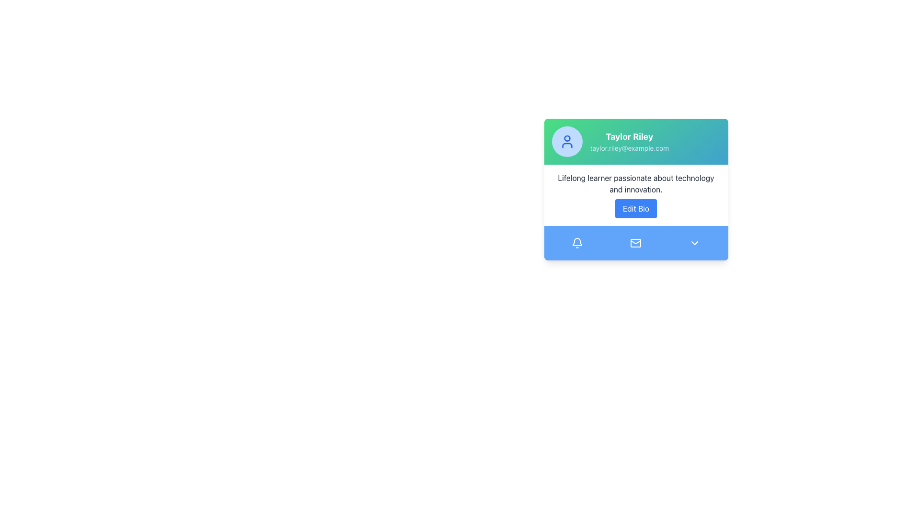  I want to click on the email icon, which is a small graphical representation of a folded envelope, located within the blue section beneath the user profile card, so click(636, 241).